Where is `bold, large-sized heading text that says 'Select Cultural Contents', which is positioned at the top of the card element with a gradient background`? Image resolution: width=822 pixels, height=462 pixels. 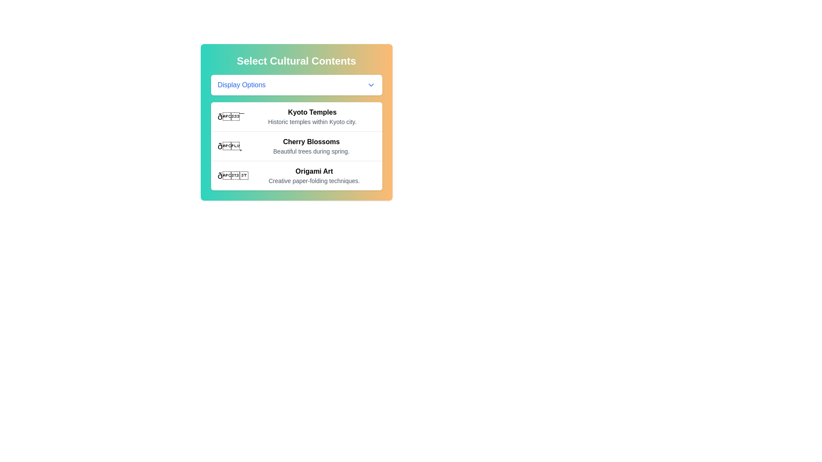 bold, large-sized heading text that says 'Select Cultural Contents', which is positioned at the top of the card element with a gradient background is located at coordinates (296, 60).